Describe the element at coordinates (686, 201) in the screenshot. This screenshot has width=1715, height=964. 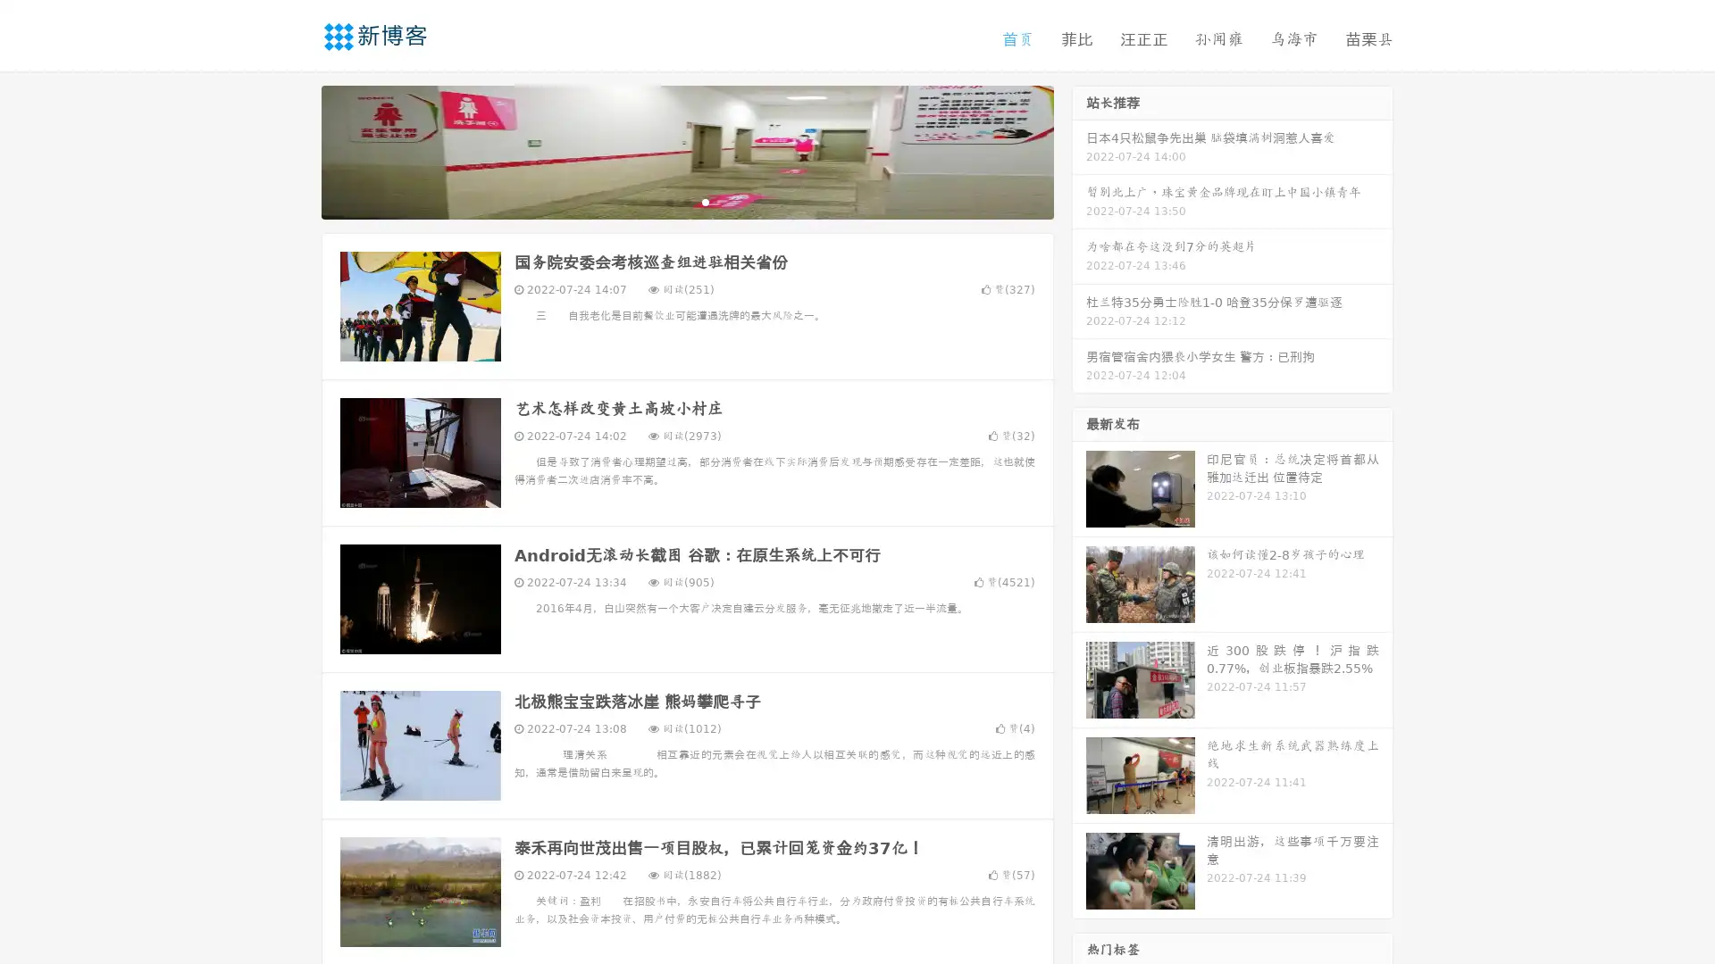
I see `Go to slide 2` at that location.